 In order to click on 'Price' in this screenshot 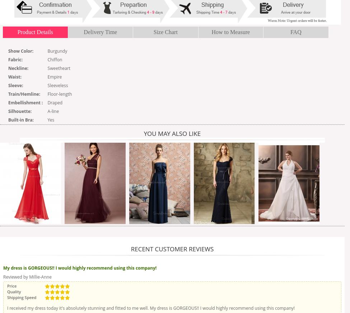, I will do `click(11, 286)`.